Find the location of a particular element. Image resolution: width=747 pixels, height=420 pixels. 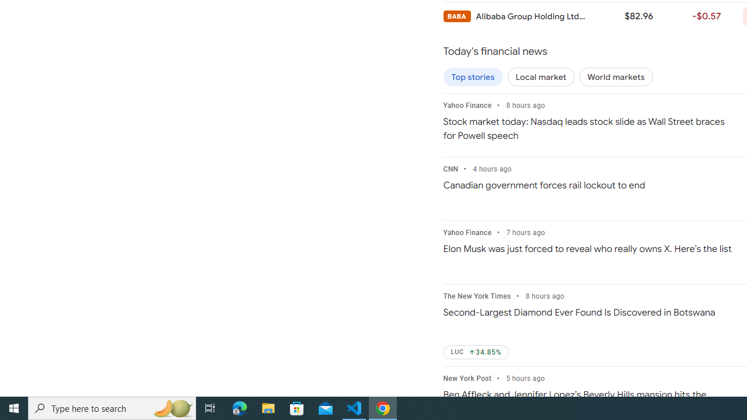

'Local market' is located at coordinates (540, 77).